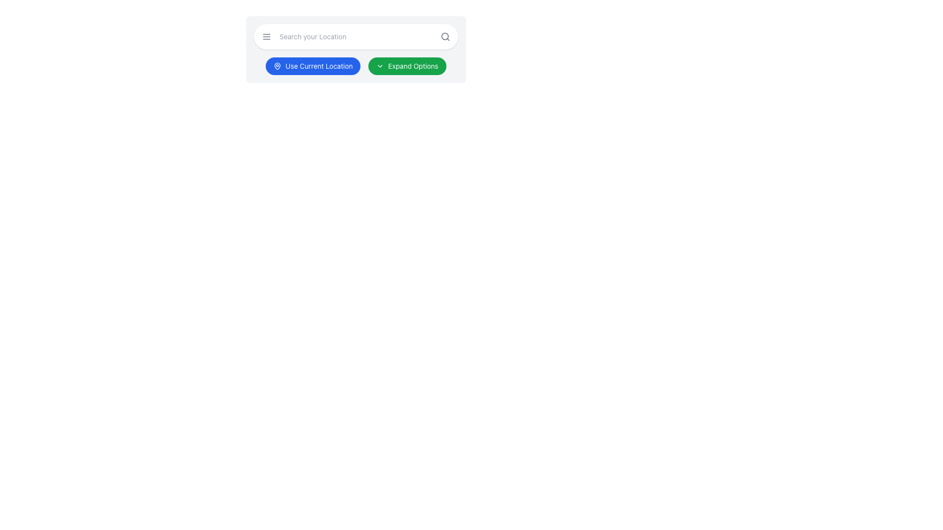 The image size is (943, 530). Describe the element at coordinates (445, 36) in the screenshot. I see `the magnifying glass icon button located at the rightmost end of the search bar, which changes color on hover` at that location.